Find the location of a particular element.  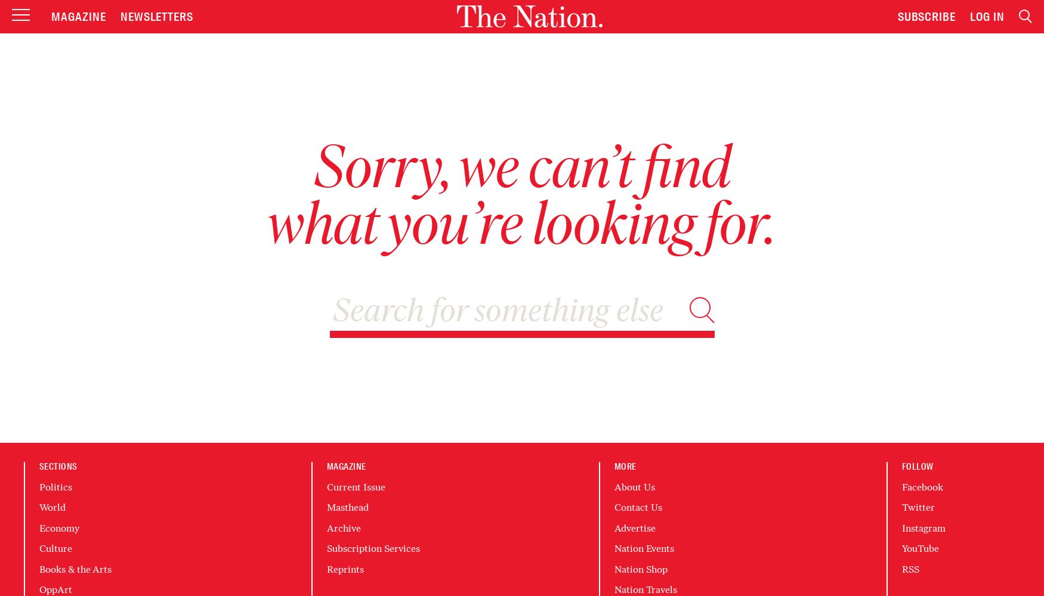

'Follow' is located at coordinates (917, 466).